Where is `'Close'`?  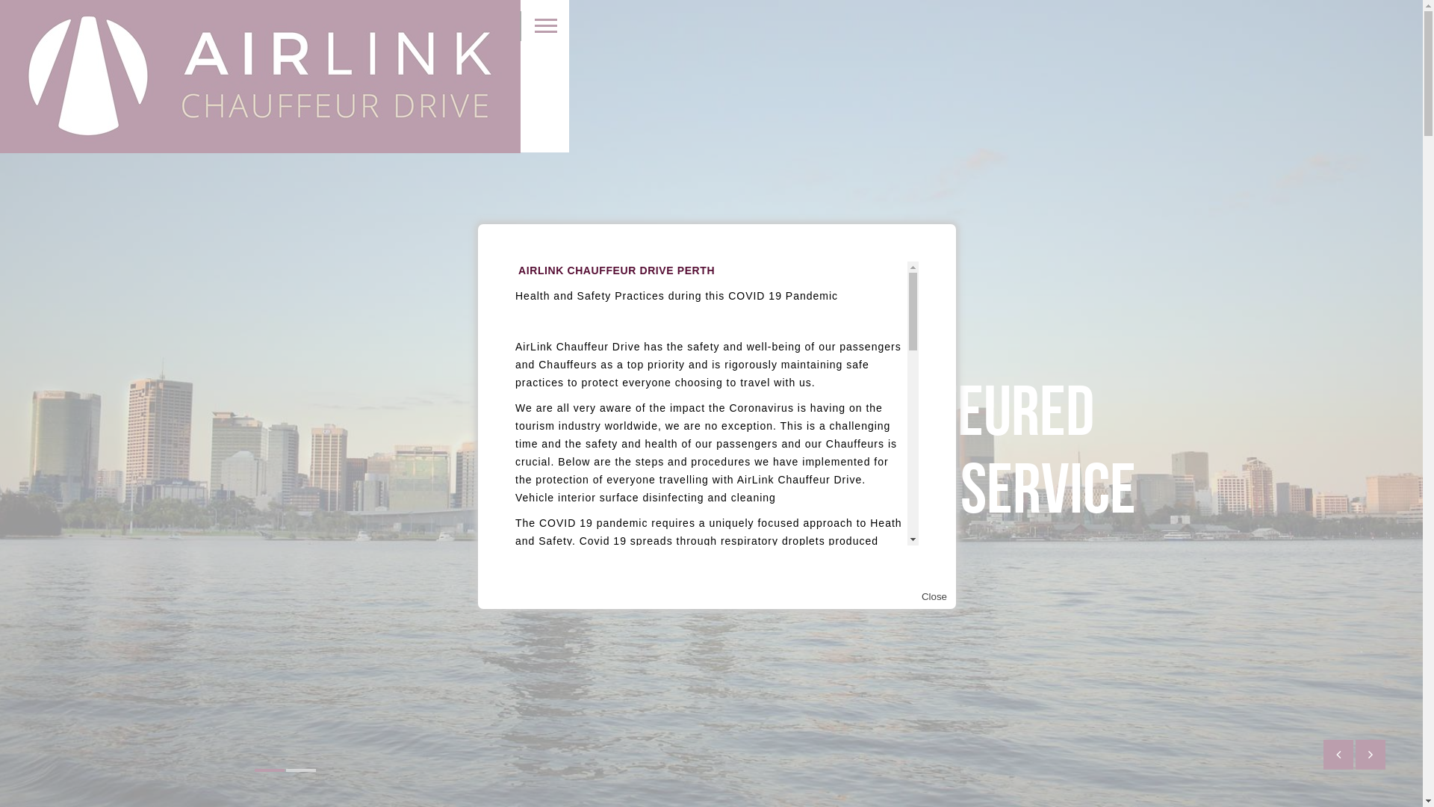 'Close' is located at coordinates (934, 596).